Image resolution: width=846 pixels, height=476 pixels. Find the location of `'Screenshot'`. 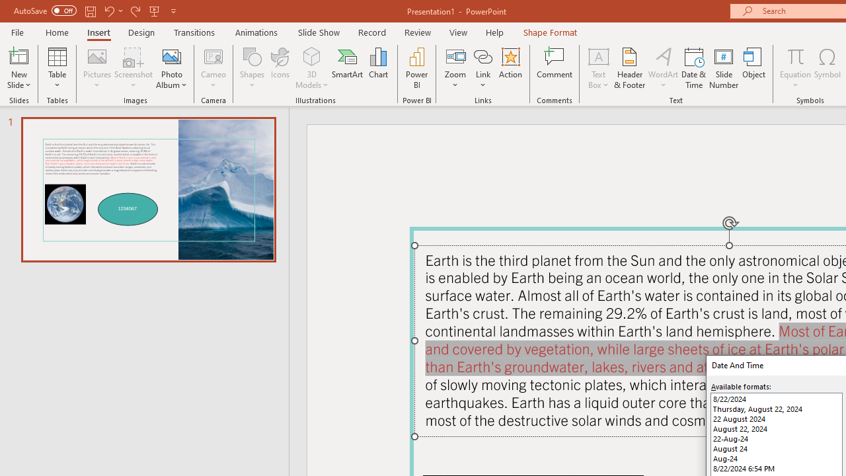

'Screenshot' is located at coordinates (134, 68).